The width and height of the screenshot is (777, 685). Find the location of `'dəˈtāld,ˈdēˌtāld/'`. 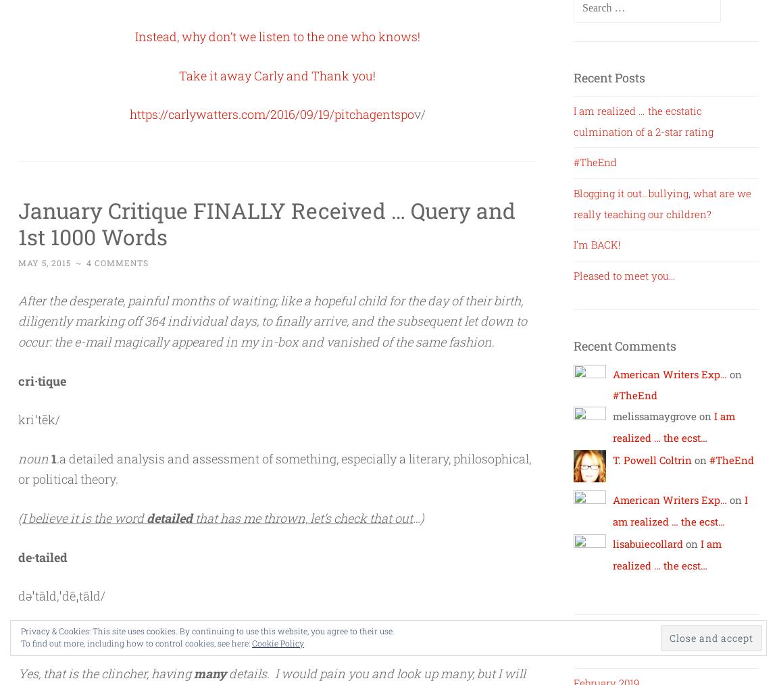

'dəˈtāld,ˈdēˌtāld/' is located at coordinates (61, 594).